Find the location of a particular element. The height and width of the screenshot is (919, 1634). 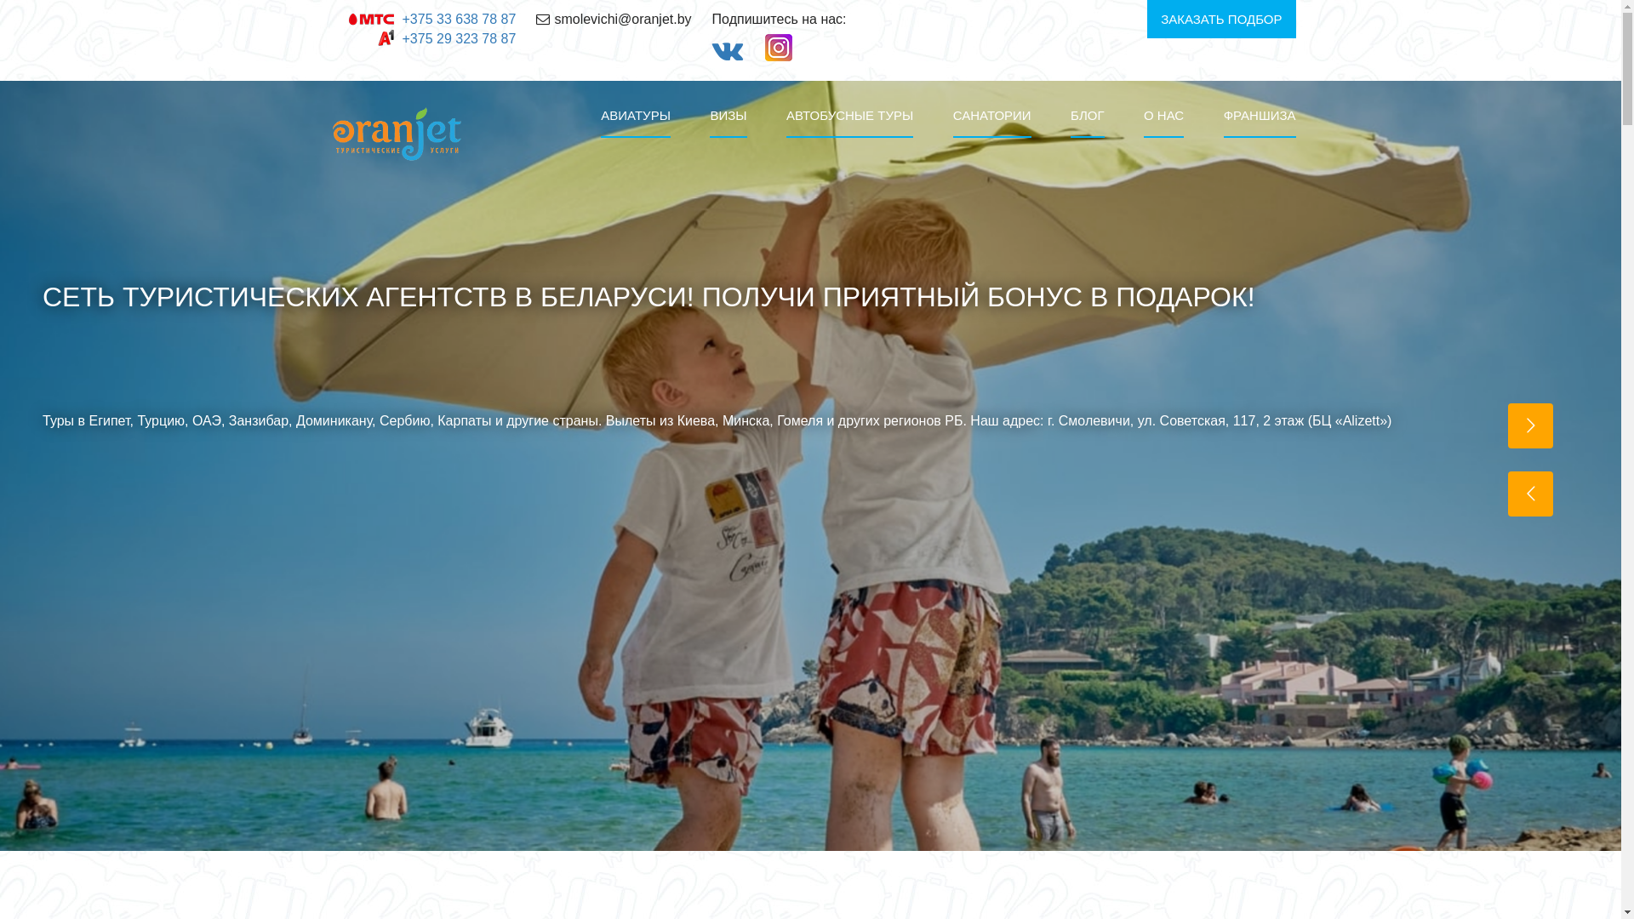

'+375 29 323 78 87' is located at coordinates (458, 38).